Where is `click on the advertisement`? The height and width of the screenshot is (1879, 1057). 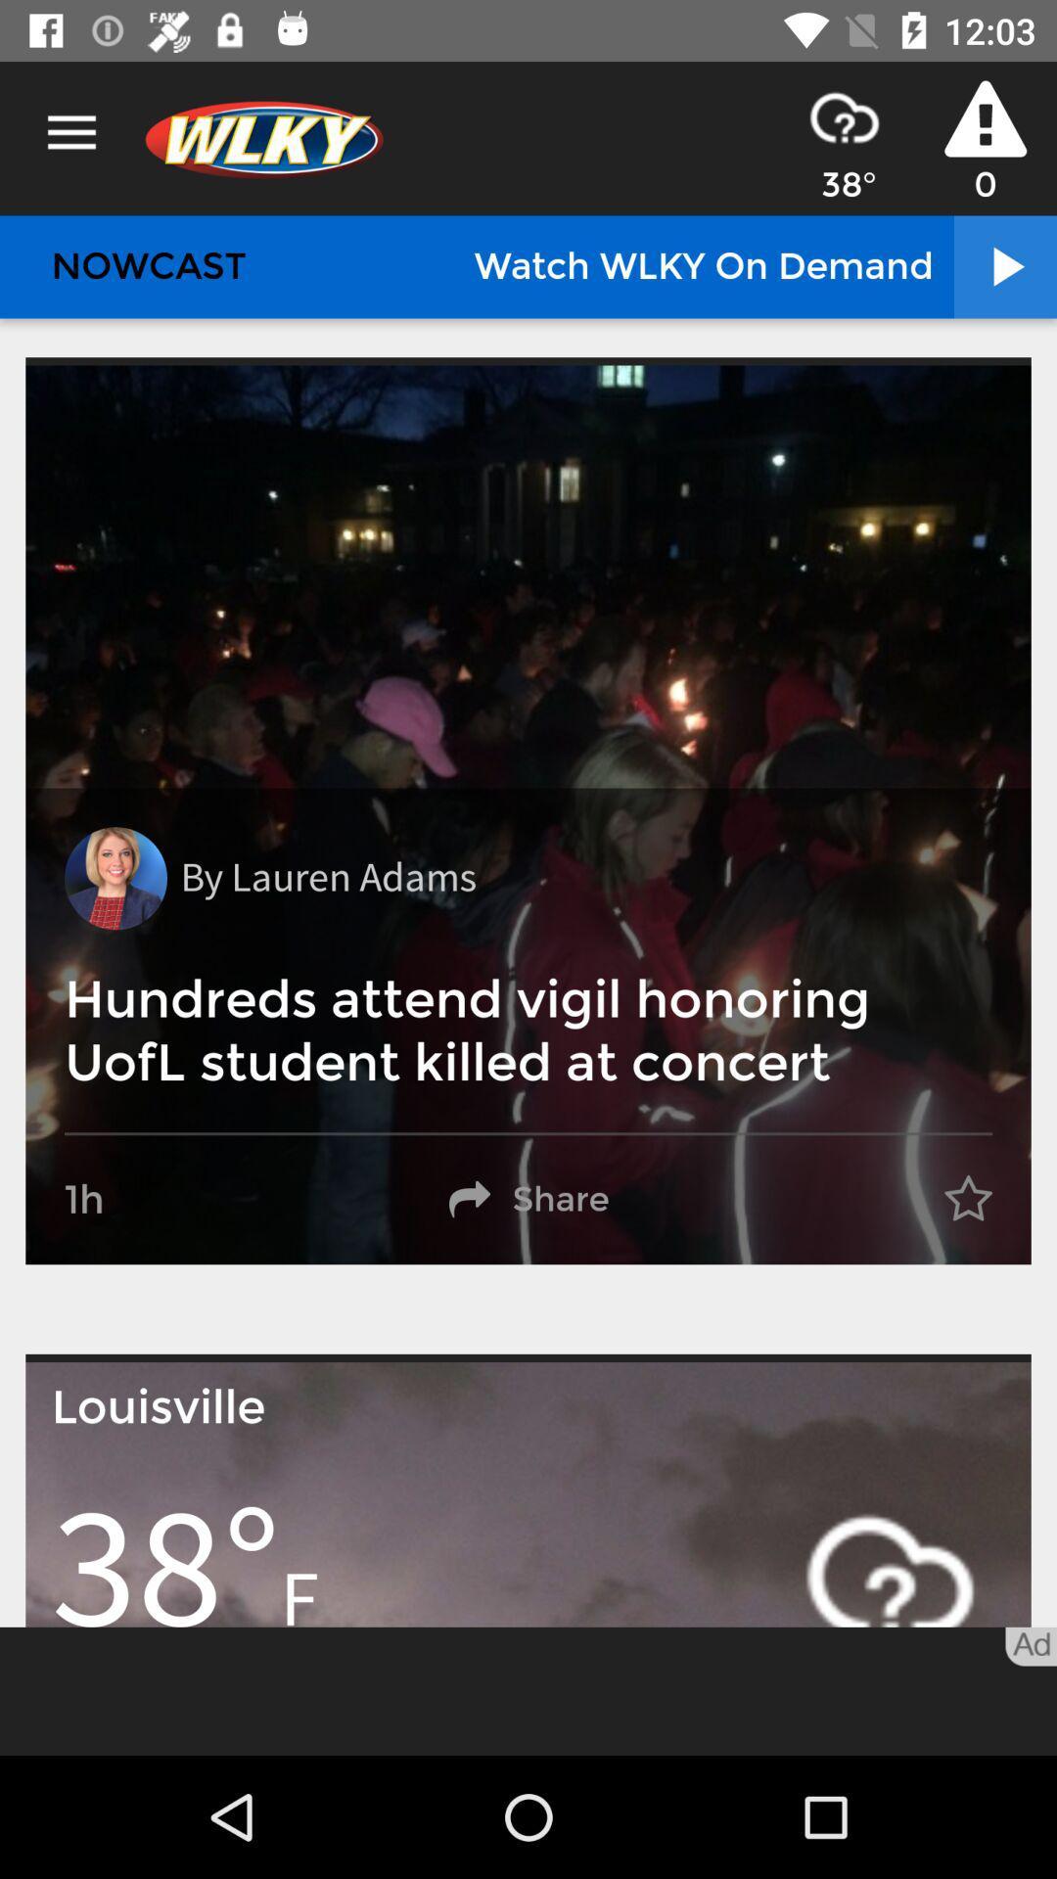
click on the advertisement is located at coordinates (528, 1690).